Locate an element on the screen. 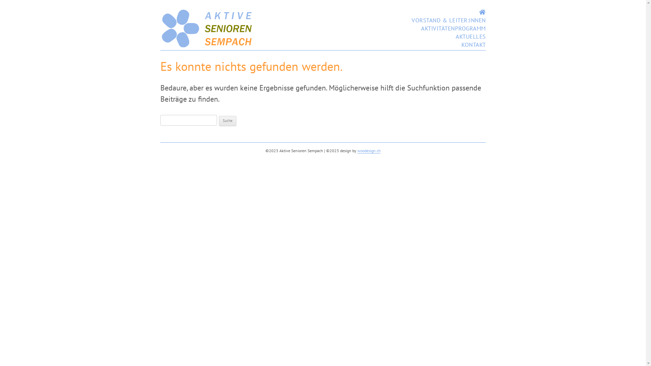 Image resolution: width=651 pixels, height=366 pixels. 'KONTAKT' is located at coordinates (473, 44).